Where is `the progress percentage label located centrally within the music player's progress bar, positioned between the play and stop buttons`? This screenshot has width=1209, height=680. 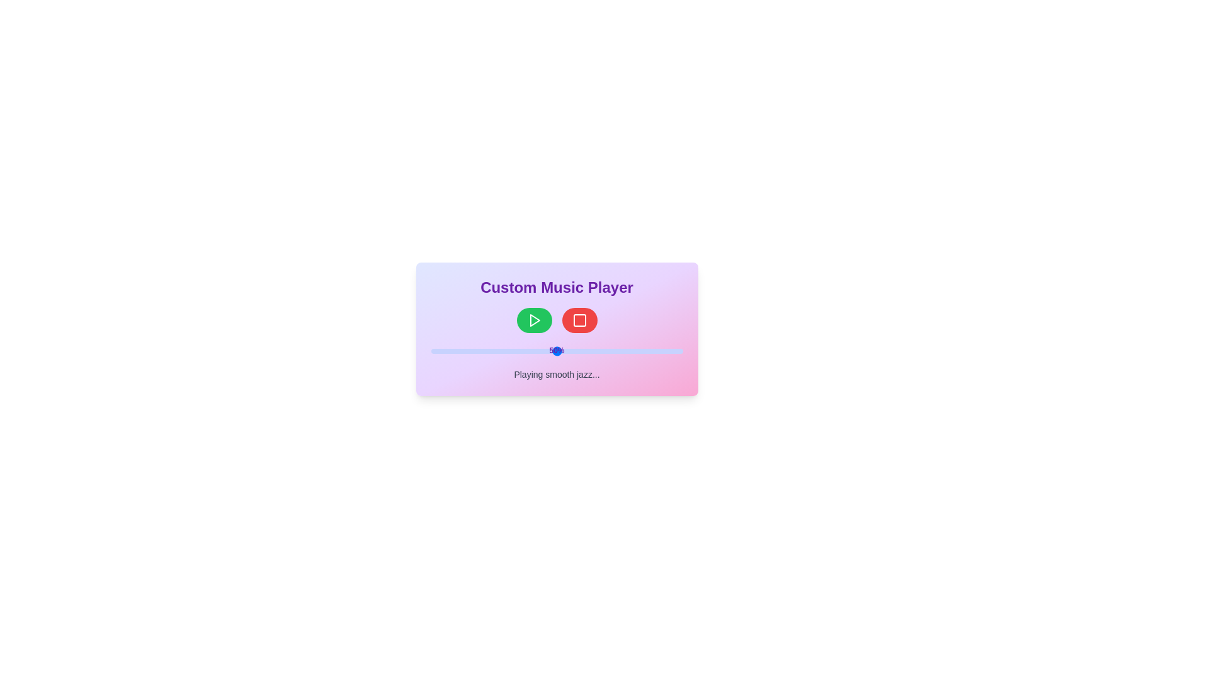
the progress percentage label located centrally within the music player's progress bar, positioned between the play and stop buttons is located at coordinates (556, 350).